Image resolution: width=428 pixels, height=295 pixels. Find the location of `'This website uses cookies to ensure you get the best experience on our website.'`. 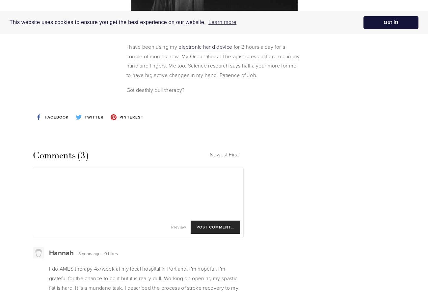

'This website uses cookies to ensure you get the best experience on our website.' is located at coordinates (108, 22).